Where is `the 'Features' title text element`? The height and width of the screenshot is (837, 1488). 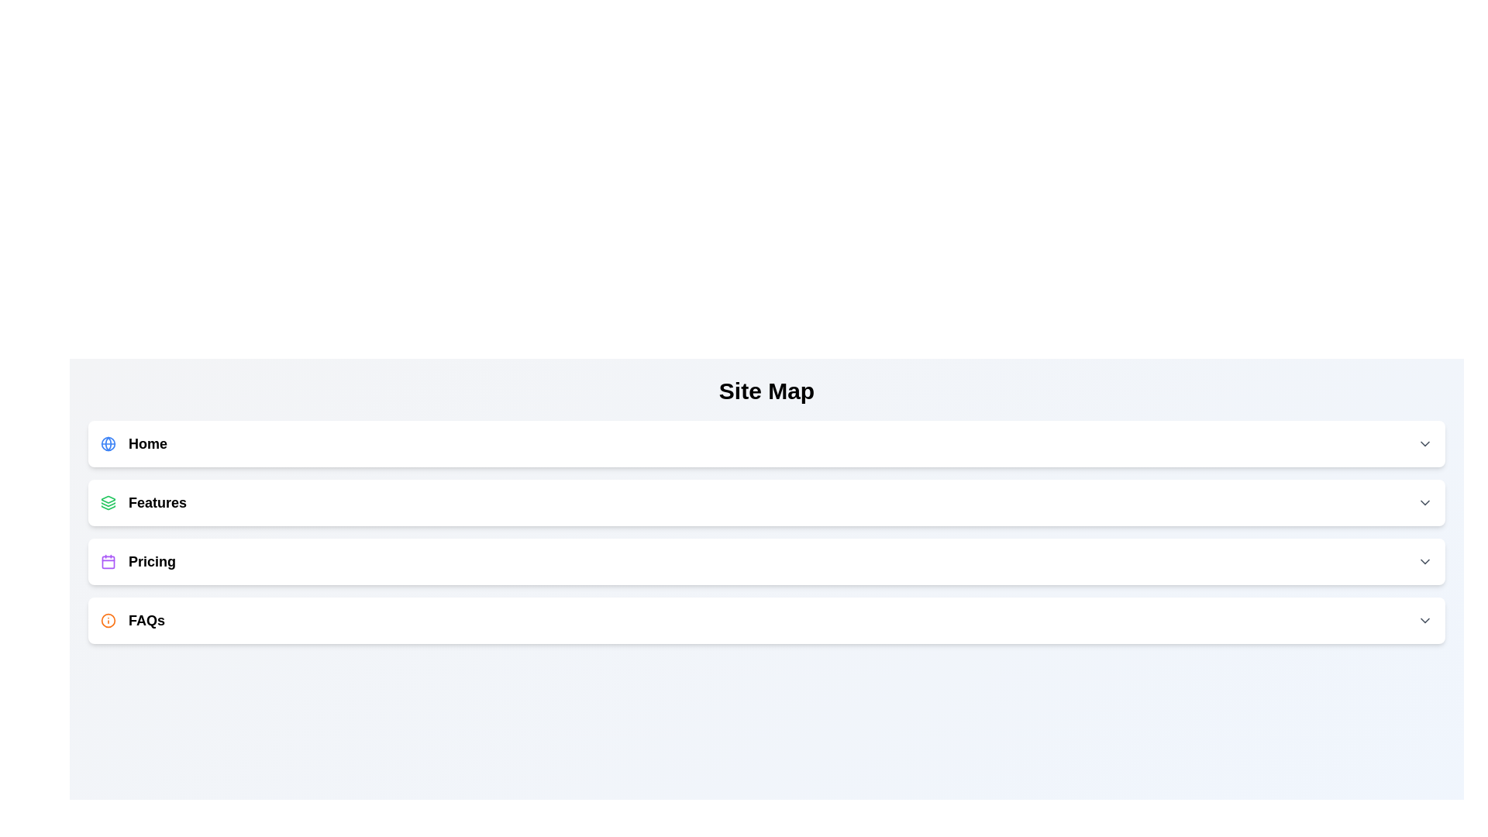
the 'Features' title text element is located at coordinates (157, 502).